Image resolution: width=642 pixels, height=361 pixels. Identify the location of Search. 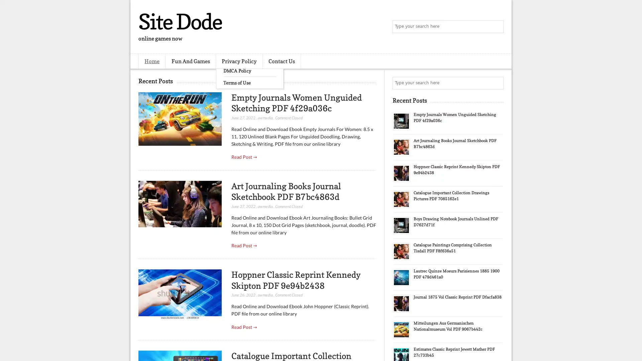
(497, 27).